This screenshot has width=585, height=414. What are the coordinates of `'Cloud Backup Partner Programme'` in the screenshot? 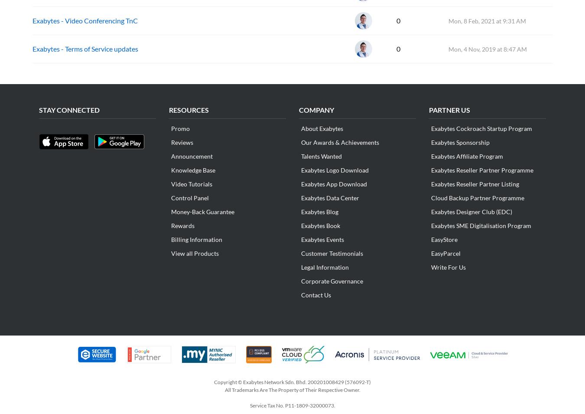 It's located at (478, 197).